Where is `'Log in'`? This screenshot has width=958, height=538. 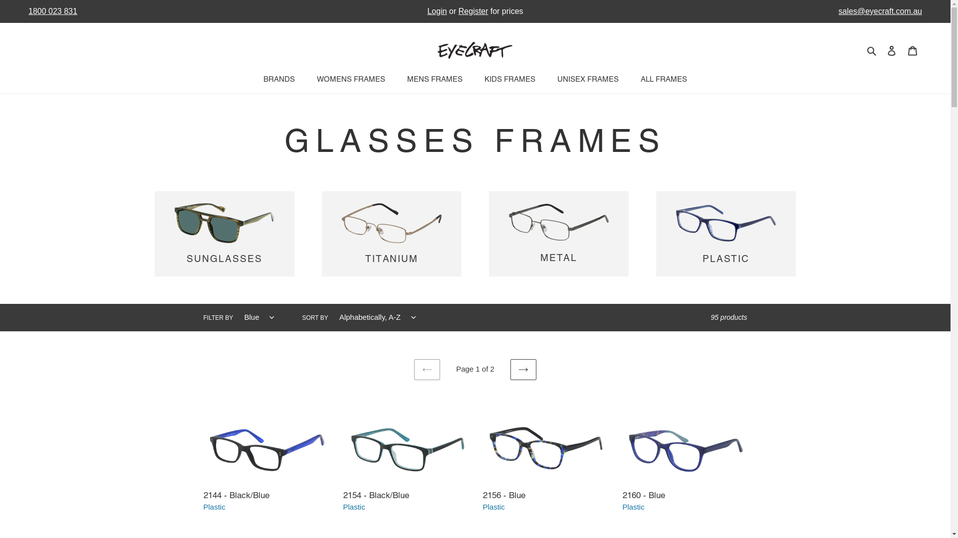
'Log in' is located at coordinates (891, 50).